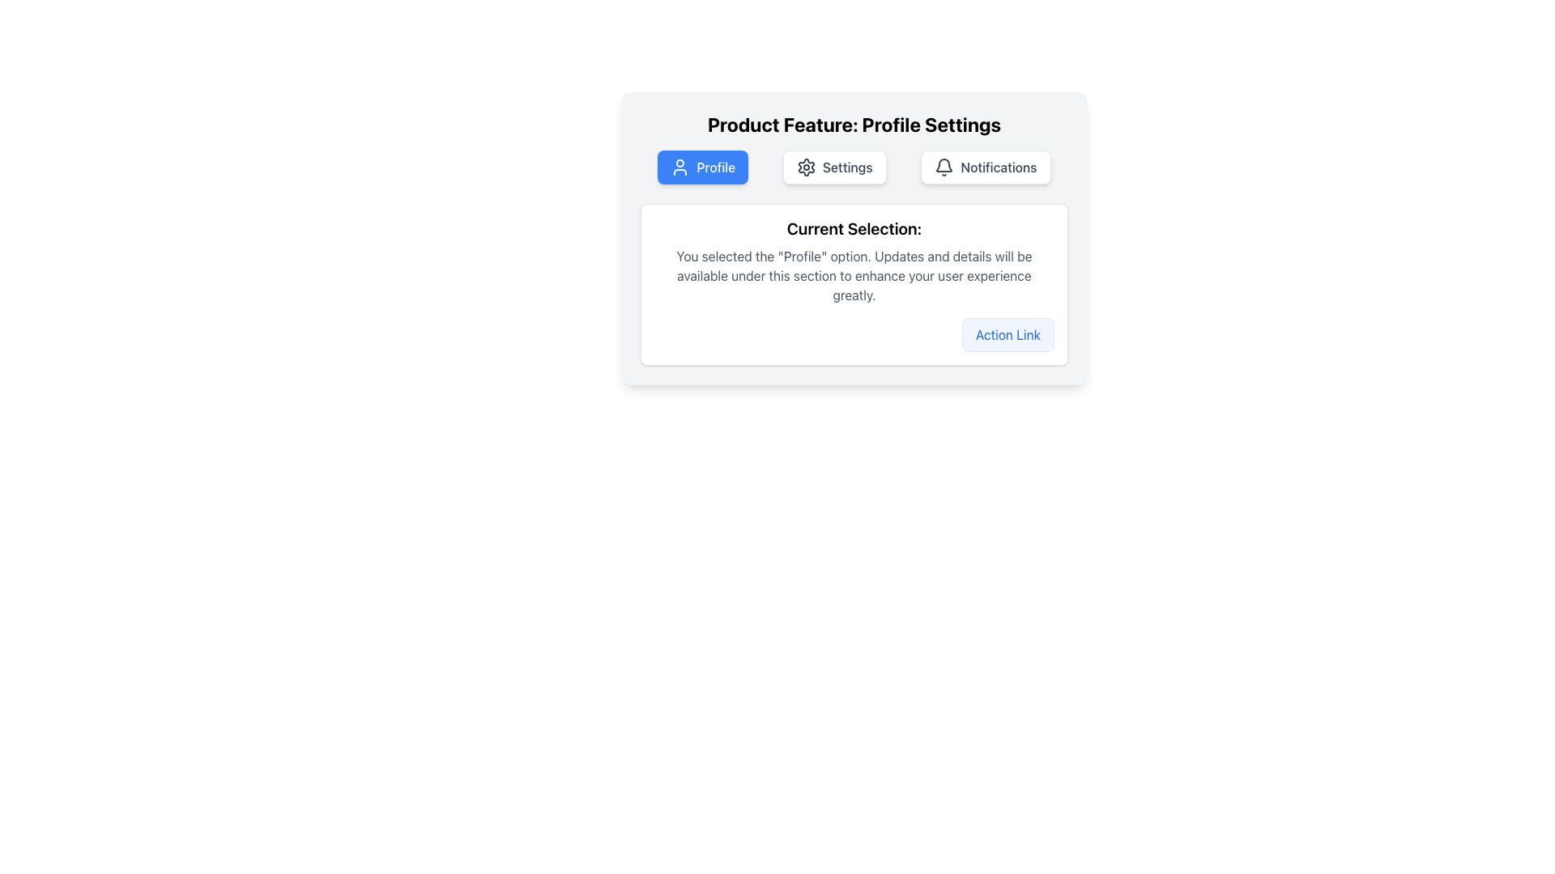 This screenshot has width=1555, height=874. I want to click on the 'Profile' button located on the top-left side of a group of three buttons, so click(703, 168).